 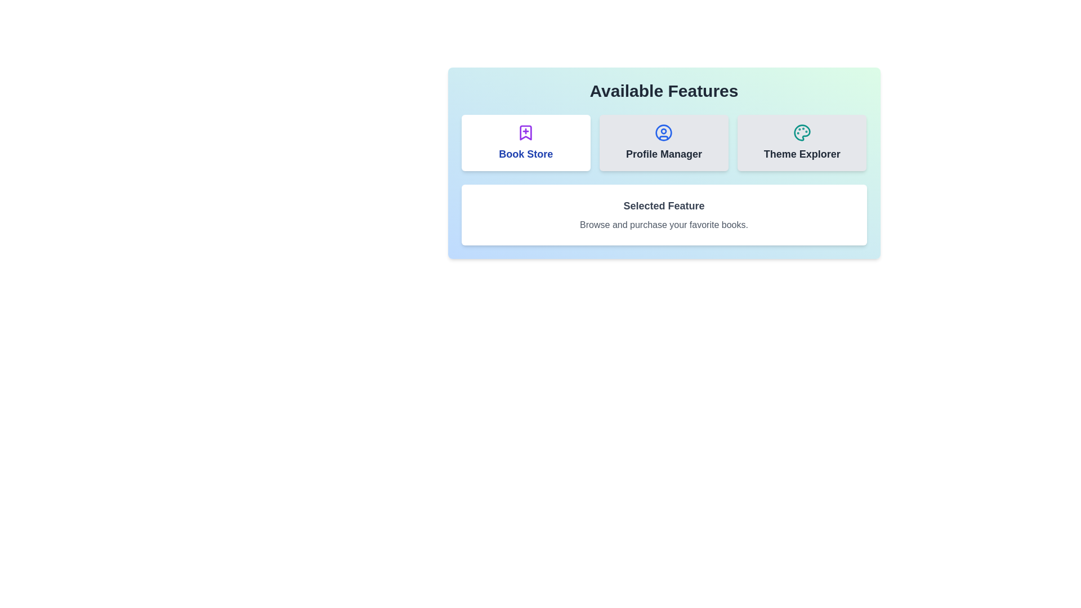 I want to click on the decorative icon for the 'Theme Explorer' feature, so click(x=801, y=132).